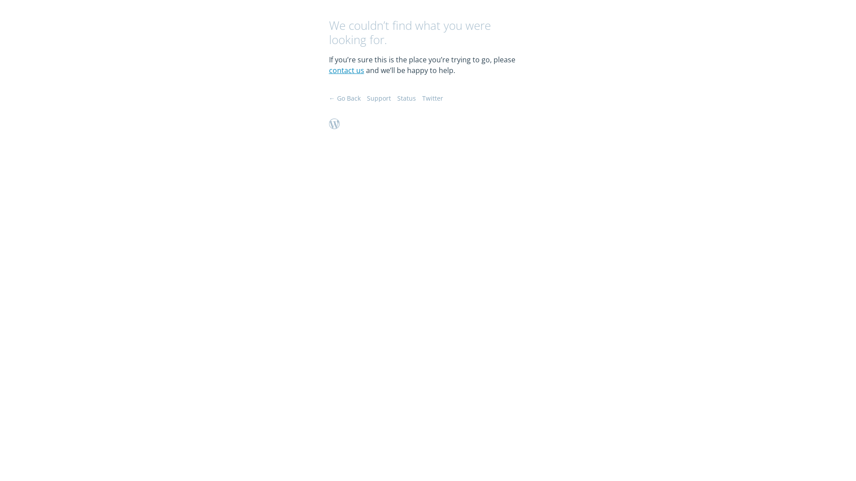  Describe the element at coordinates (406, 98) in the screenshot. I see `'Status'` at that location.